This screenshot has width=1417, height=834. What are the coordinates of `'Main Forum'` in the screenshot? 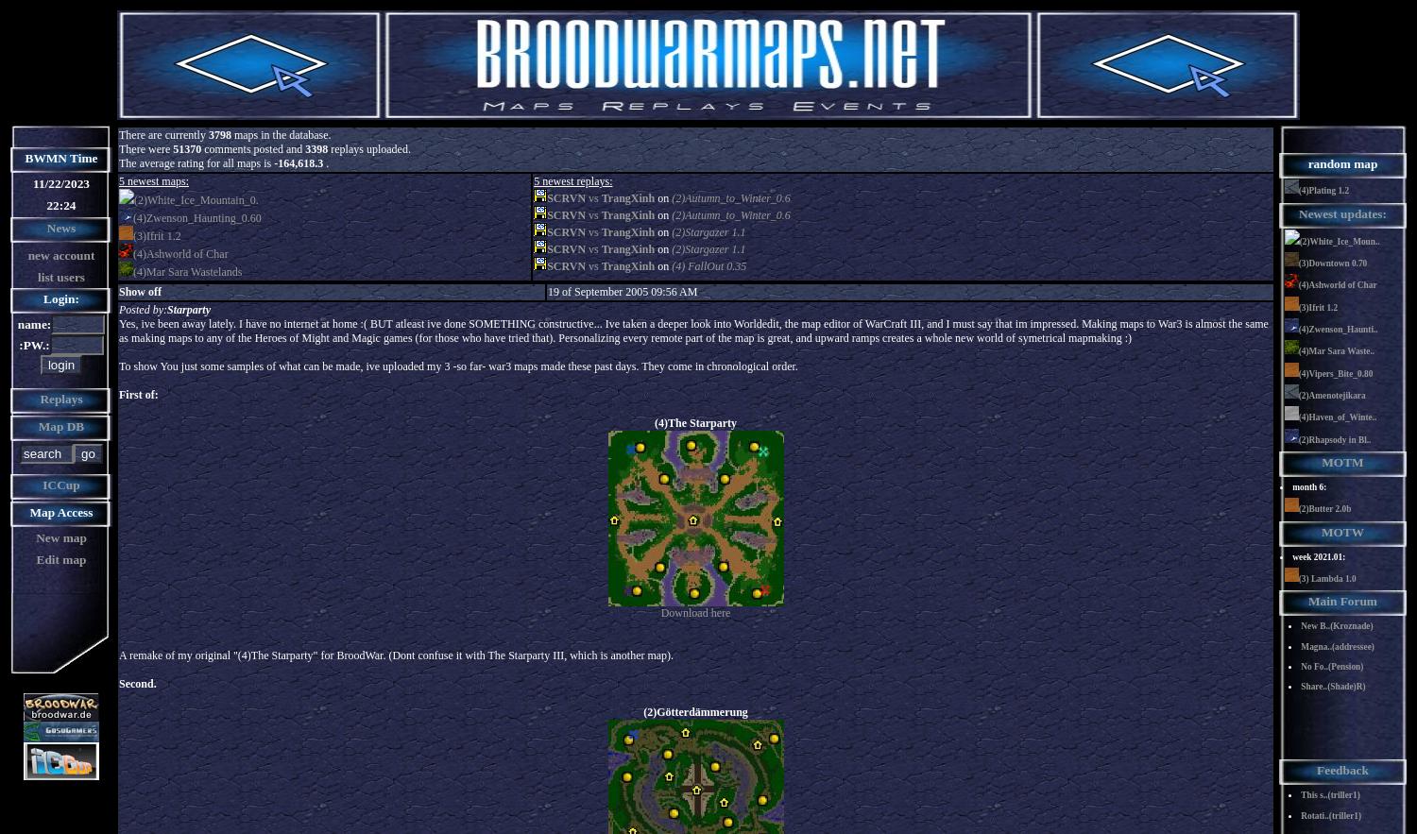 It's located at (1341, 601).